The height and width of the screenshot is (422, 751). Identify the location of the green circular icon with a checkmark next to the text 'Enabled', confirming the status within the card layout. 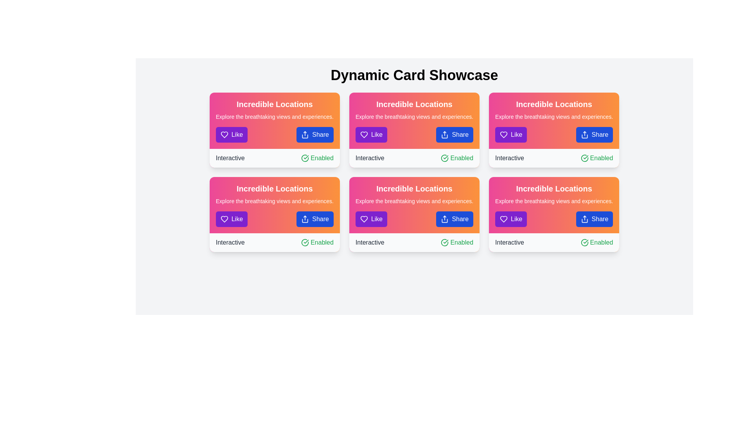
(445, 242).